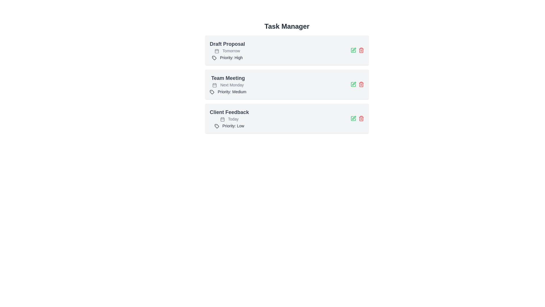 The image size is (545, 307). What do you see at coordinates (227, 43) in the screenshot?
I see `the text label that serves as a title or description for a task-related item in the task management interface` at bounding box center [227, 43].